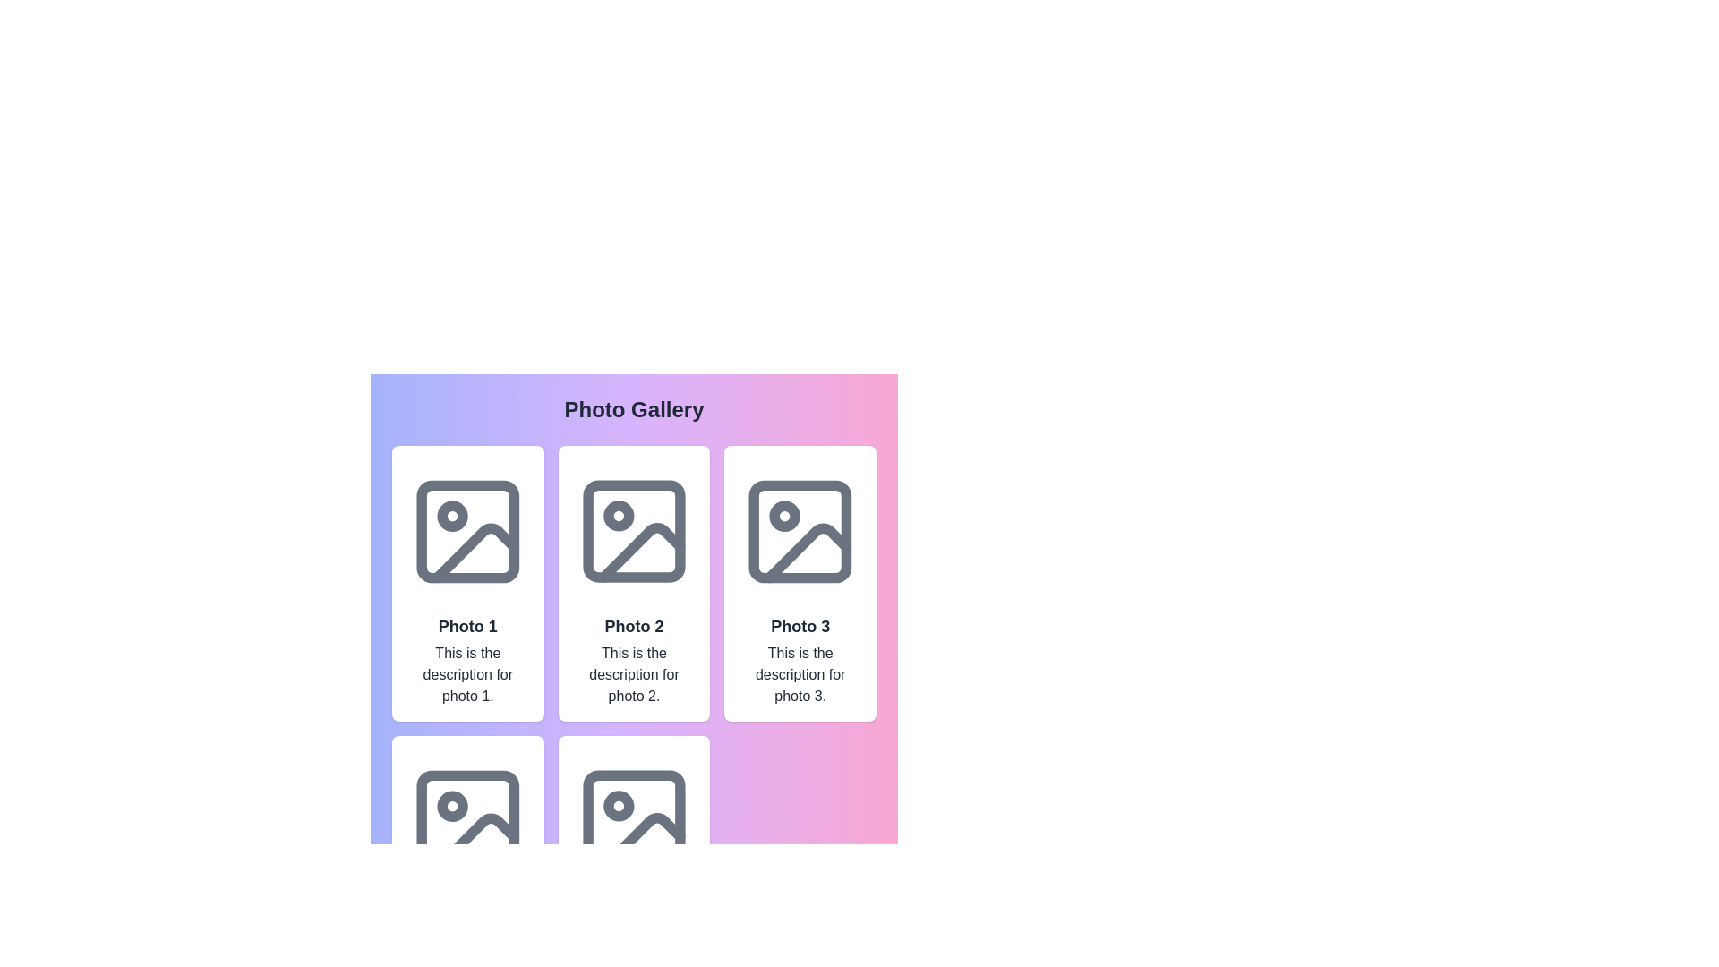 The width and height of the screenshot is (1719, 967). What do you see at coordinates (634, 531) in the screenshot?
I see `the decorative element located in the upper-left section of the photo icon, which contributes to the graphical design of the image placeholder` at bounding box center [634, 531].